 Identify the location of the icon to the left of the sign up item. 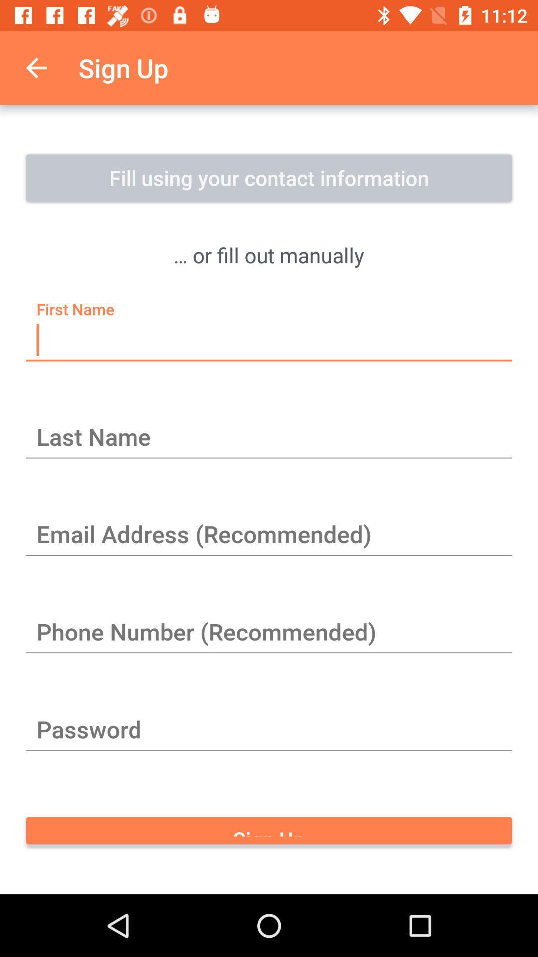
(36, 67).